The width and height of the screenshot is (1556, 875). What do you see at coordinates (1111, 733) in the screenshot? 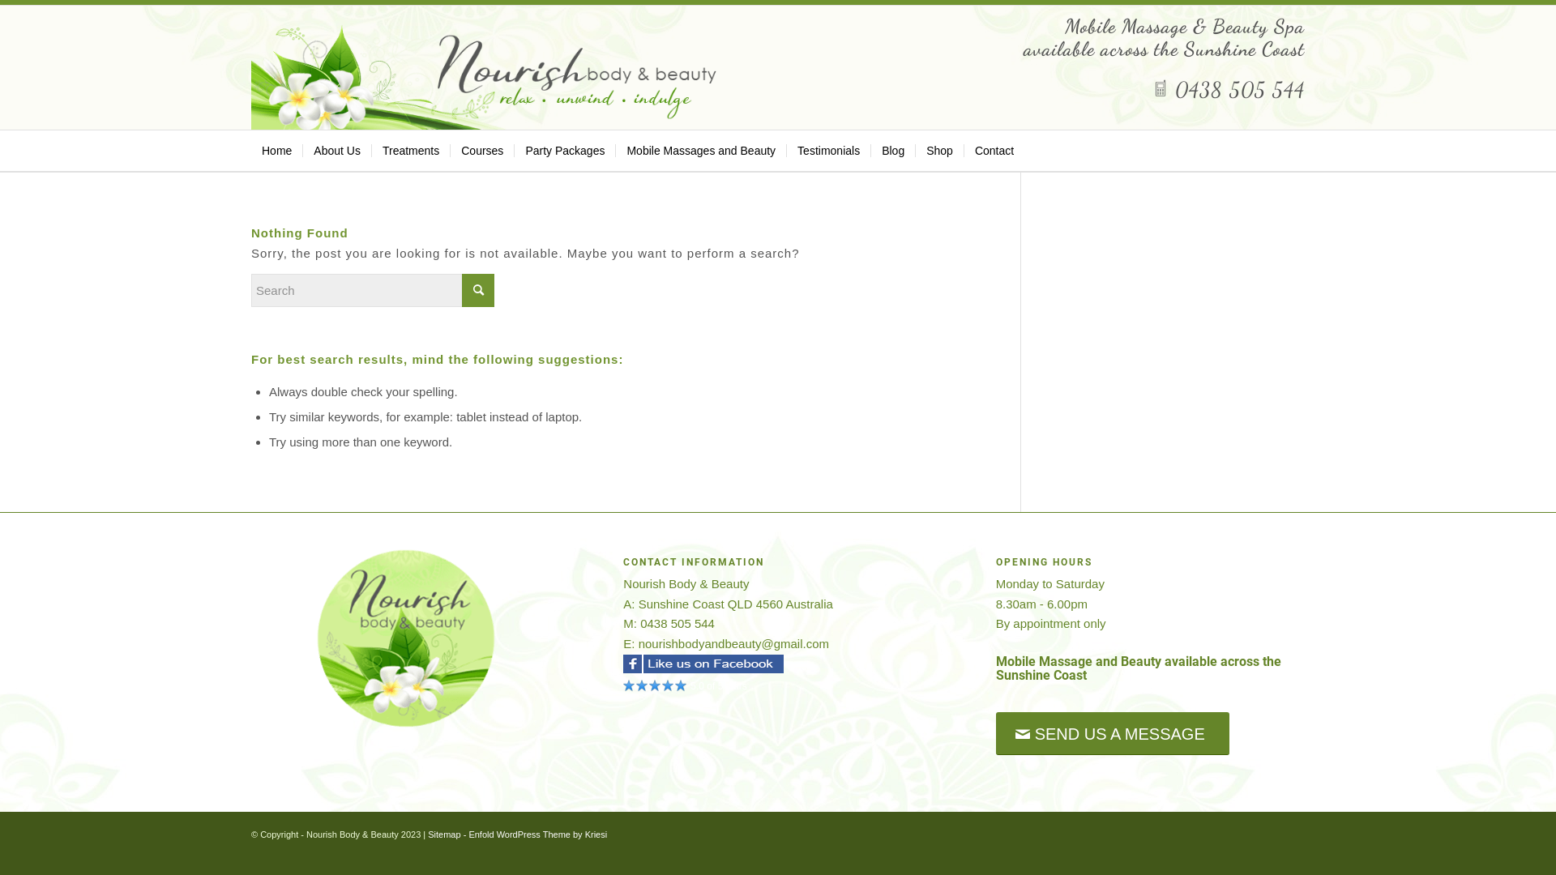
I see `'SEND US A MESSAGE'` at bounding box center [1111, 733].